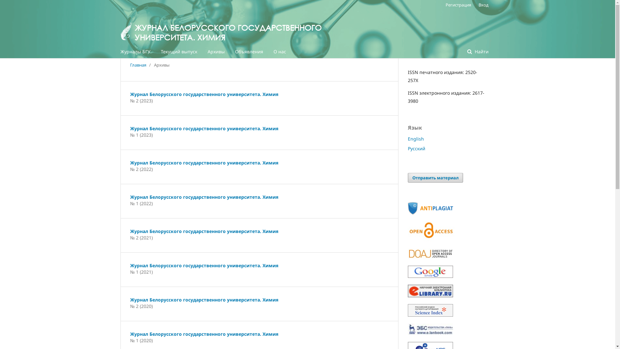 Image resolution: width=620 pixels, height=349 pixels. Describe the element at coordinates (415, 138) in the screenshot. I see `'English'` at that location.